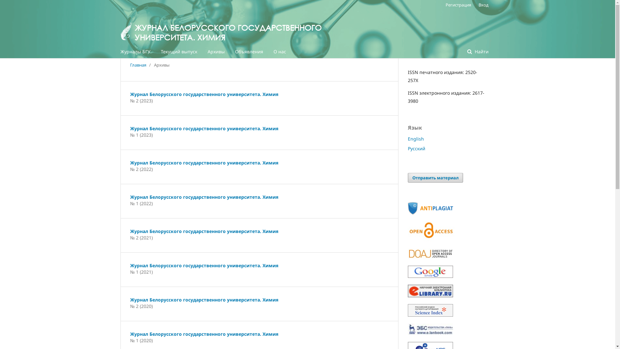 Image resolution: width=620 pixels, height=349 pixels. Describe the element at coordinates (415, 138) in the screenshot. I see `'English'` at that location.